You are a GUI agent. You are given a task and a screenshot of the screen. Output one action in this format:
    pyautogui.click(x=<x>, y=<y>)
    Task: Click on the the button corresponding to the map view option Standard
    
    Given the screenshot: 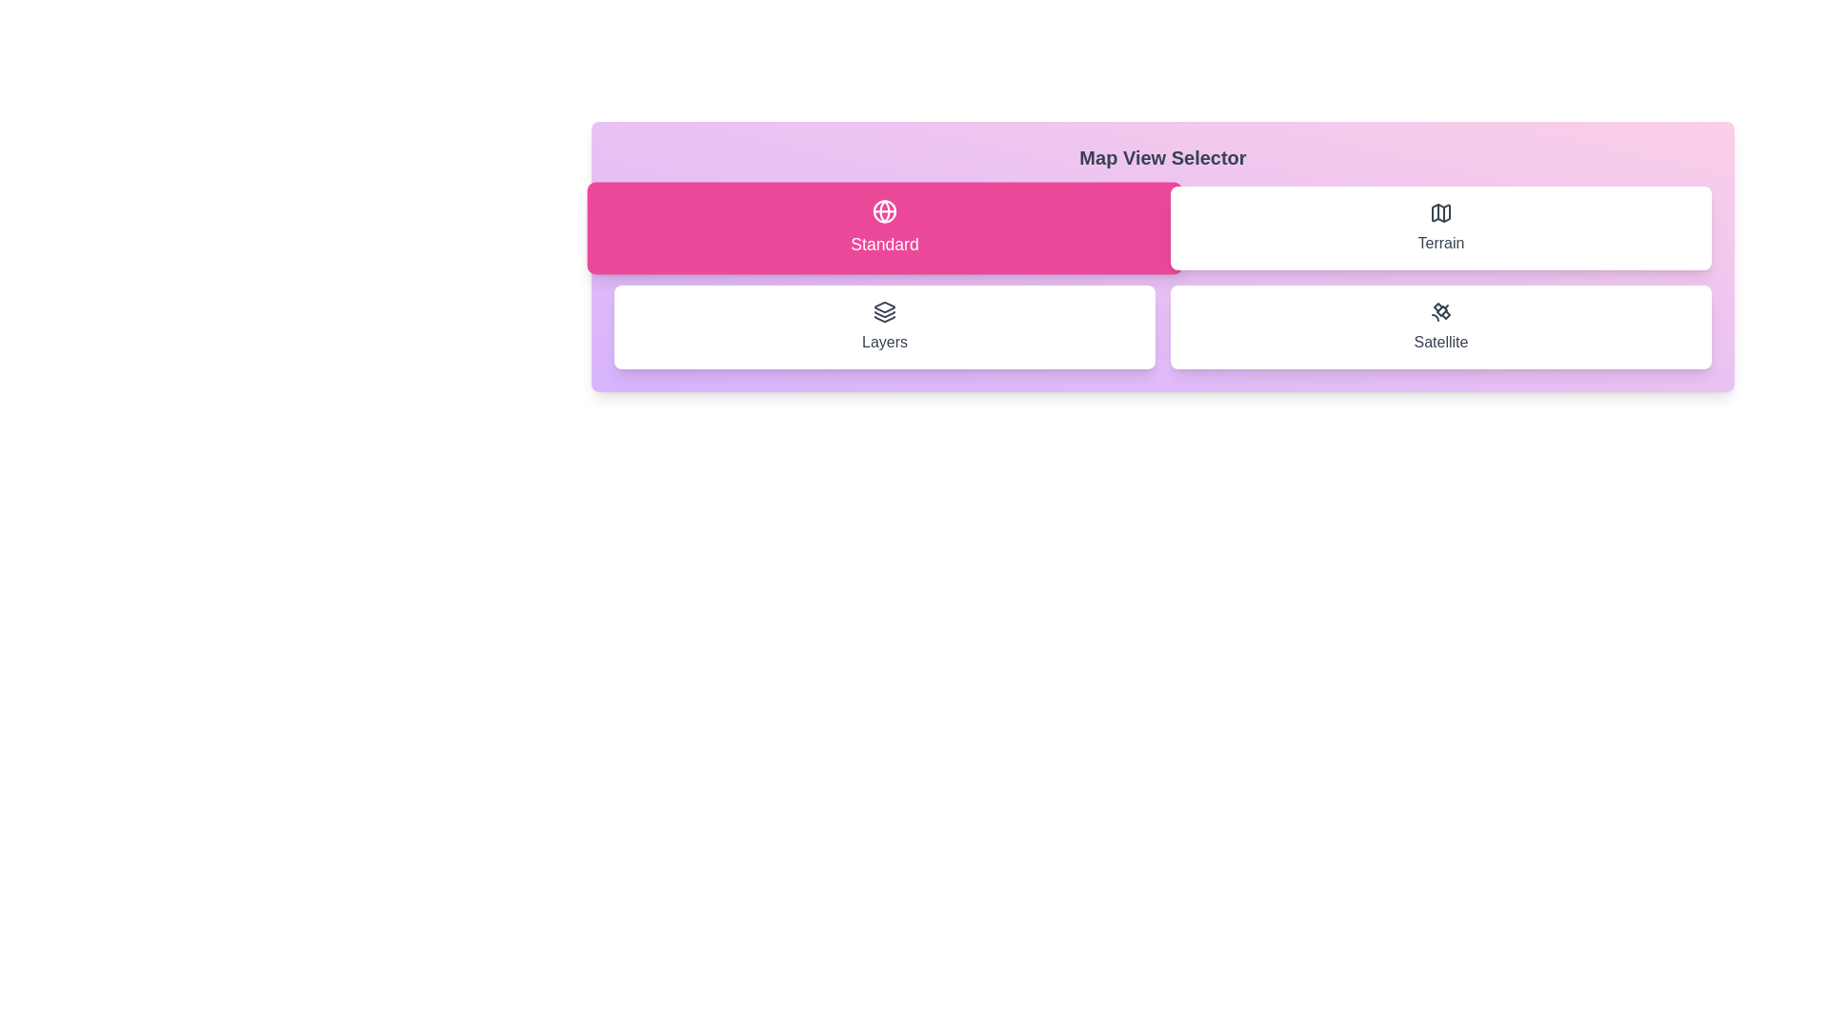 What is the action you would take?
    pyautogui.click(x=884, y=227)
    